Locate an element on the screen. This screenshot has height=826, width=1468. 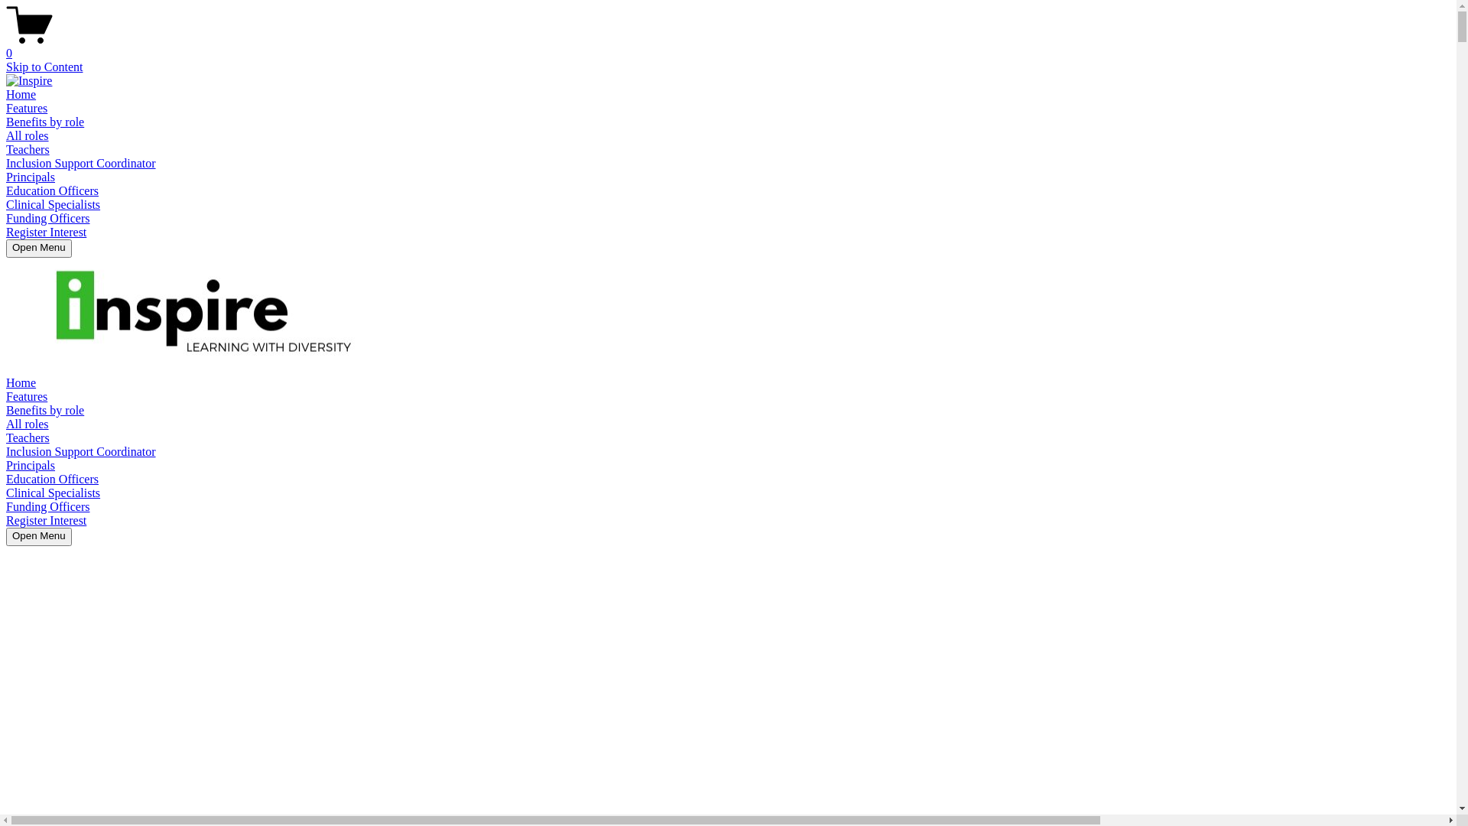
'Education Officers' is located at coordinates (52, 478).